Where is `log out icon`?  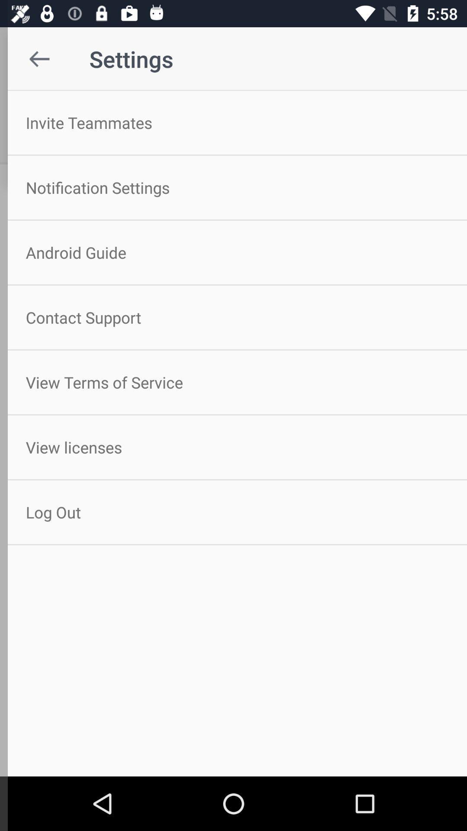
log out icon is located at coordinates (233, 512).